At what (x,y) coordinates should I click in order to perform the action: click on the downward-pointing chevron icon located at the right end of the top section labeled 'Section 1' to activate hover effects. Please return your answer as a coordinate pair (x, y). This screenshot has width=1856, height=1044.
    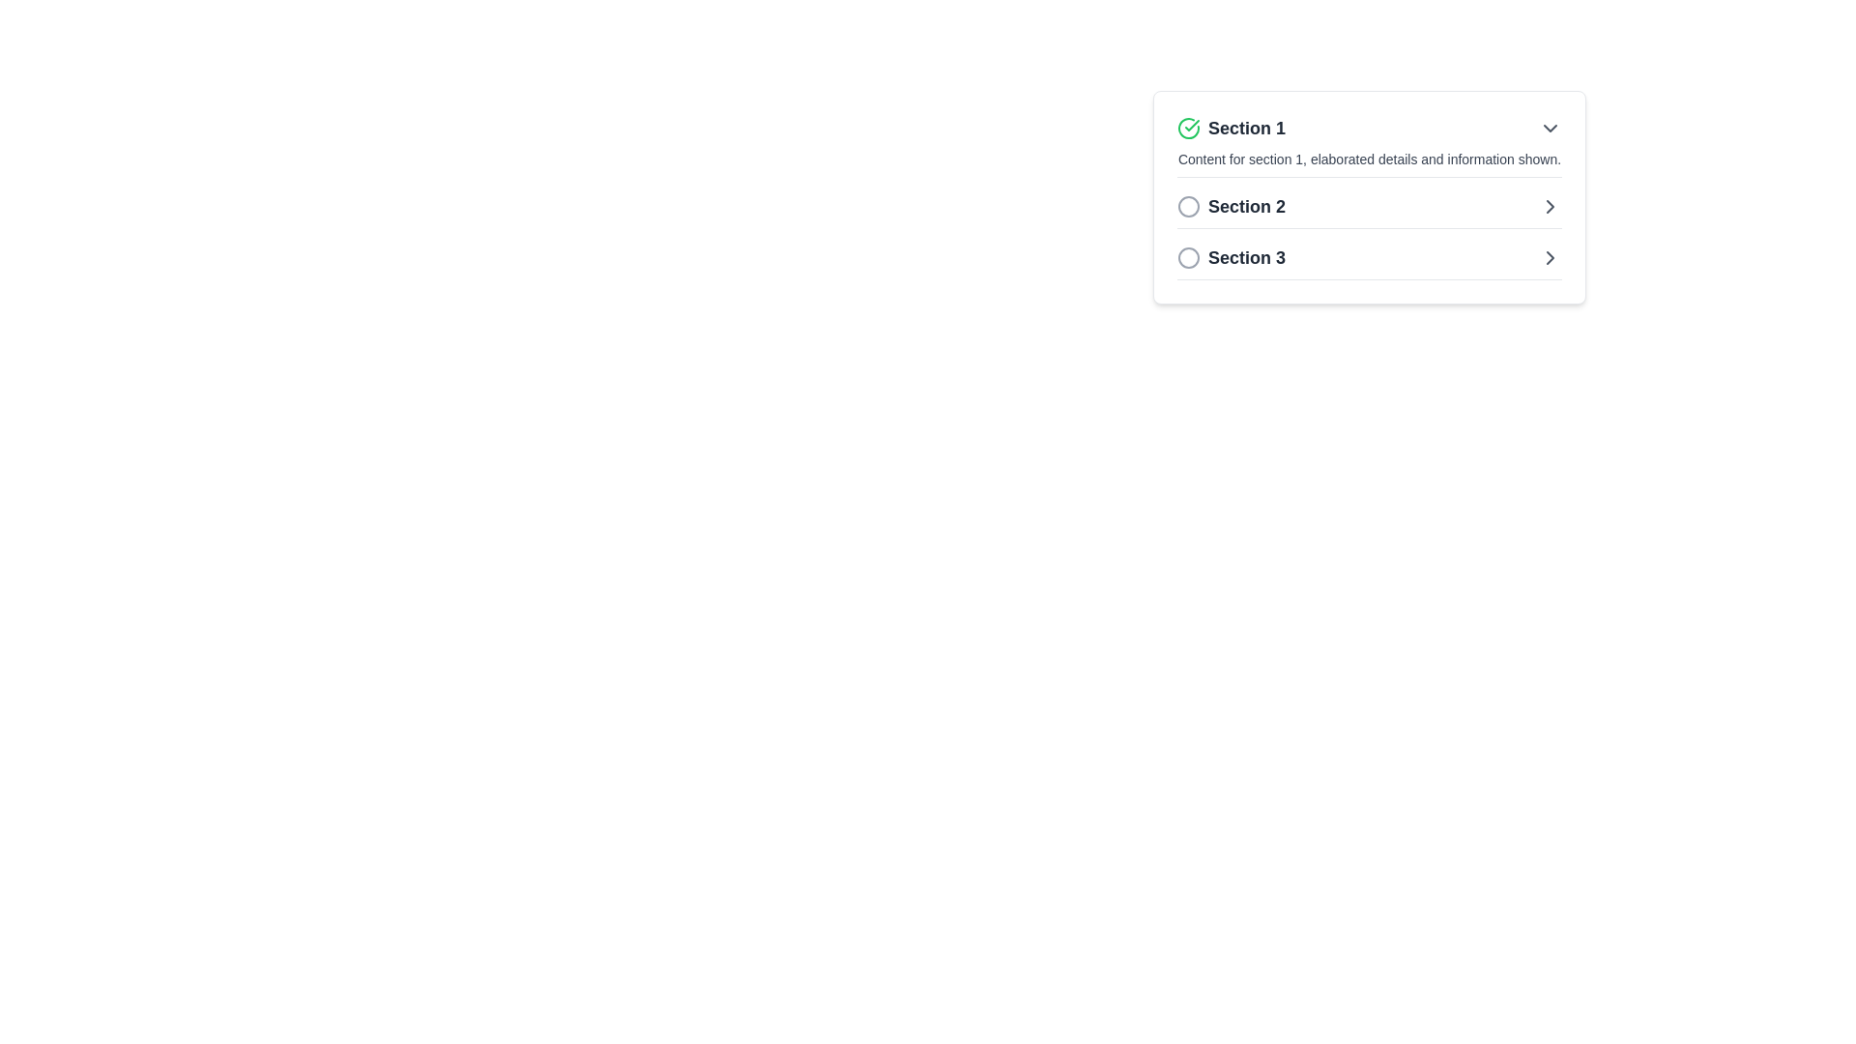
    Looking at the image, I should click on (1550, 128).